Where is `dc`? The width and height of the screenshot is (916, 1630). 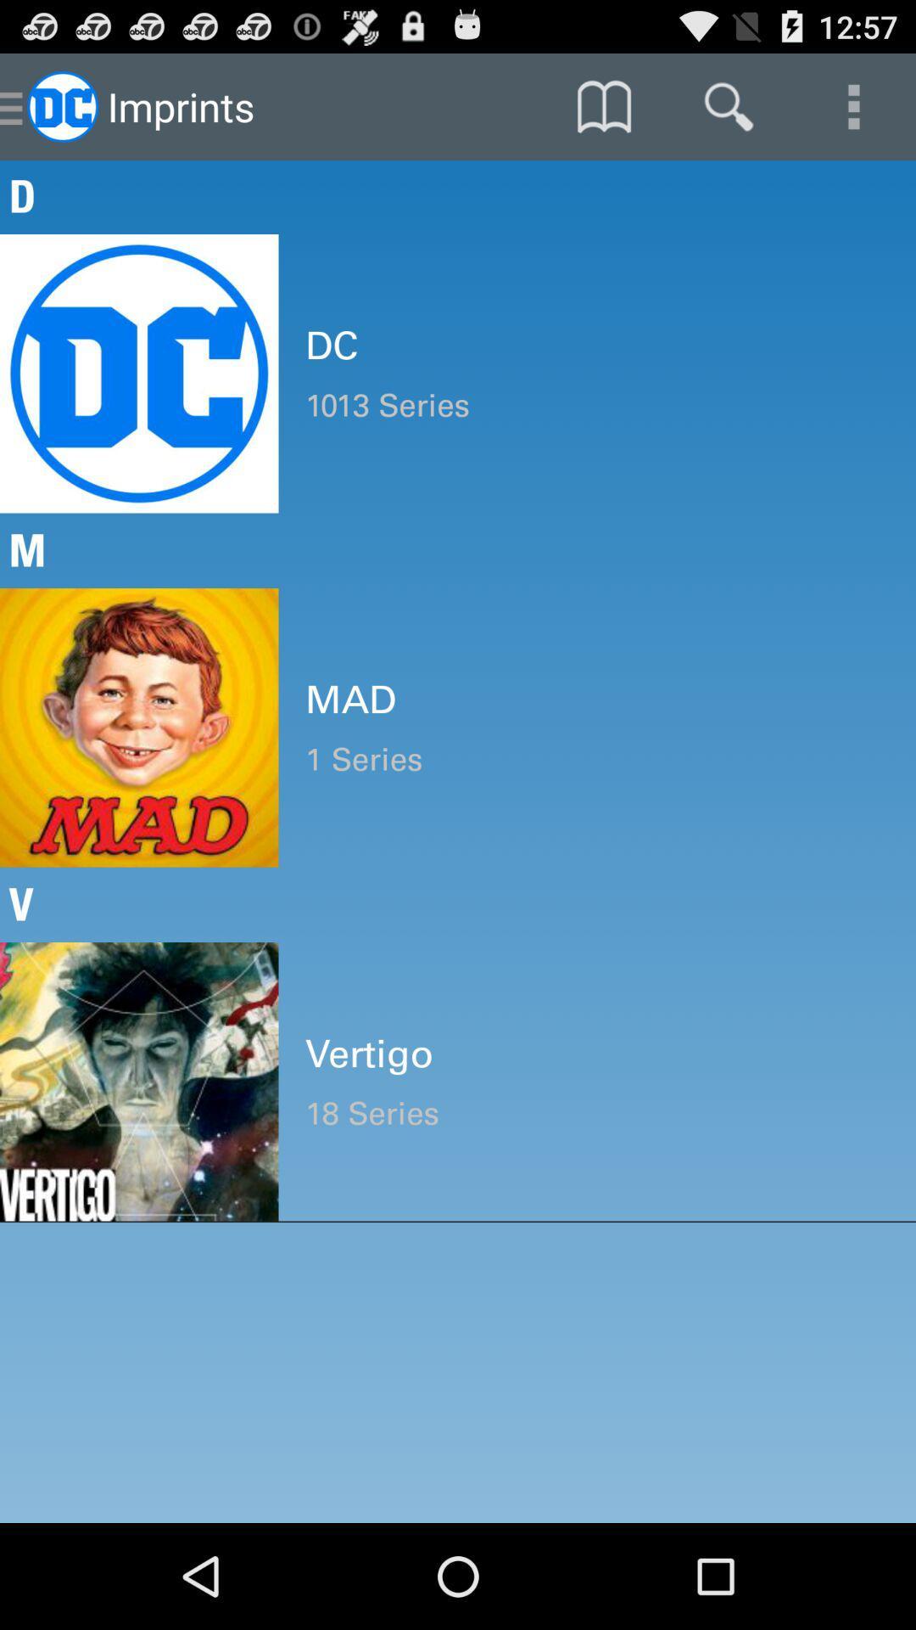
dc is located at coordinates (596, 345).